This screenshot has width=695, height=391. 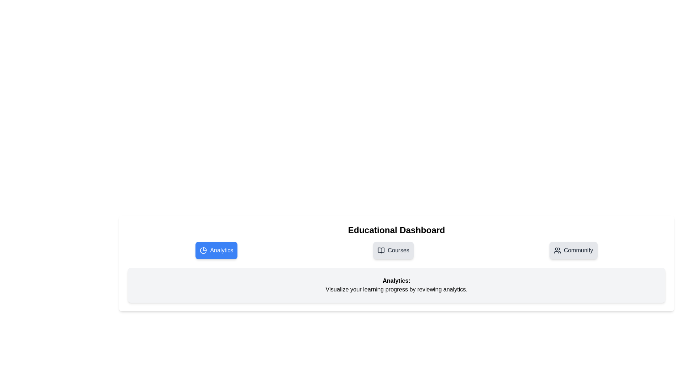 I want to click on the tab button labeled Analytics, so click(x=216, y=250).